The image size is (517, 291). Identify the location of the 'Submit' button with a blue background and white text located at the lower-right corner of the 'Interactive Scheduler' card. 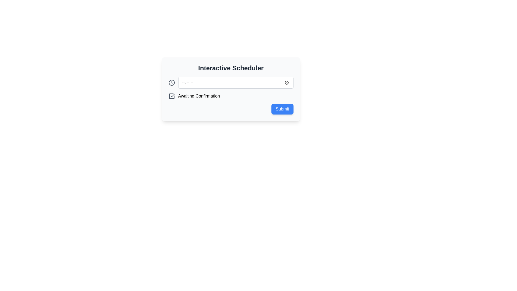
(282, 109).